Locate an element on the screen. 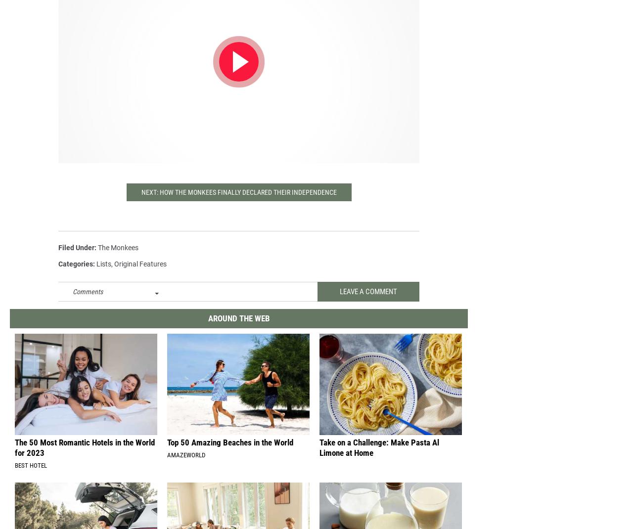 The height and width of the screenshot is (529, 636). 'The 50 Most Romantic Hotels in the World for 2023' is located at coordinates (85, 455).